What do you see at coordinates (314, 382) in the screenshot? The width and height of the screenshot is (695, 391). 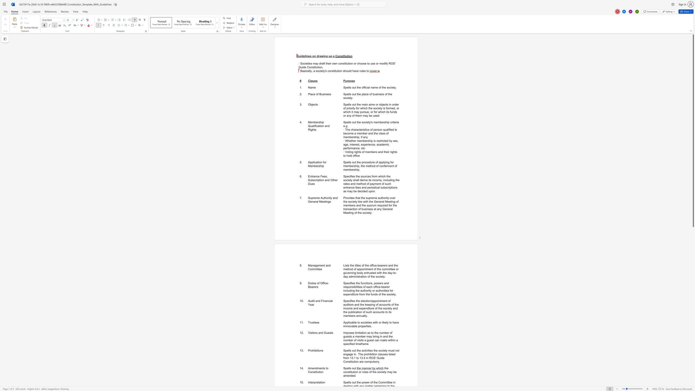 I see `the subset text "pretat" within the text "Interpretation"` at bounding box center [314, 382].